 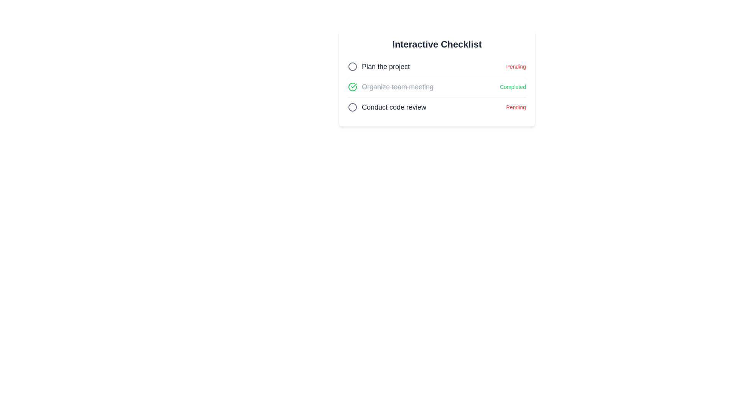 I want to click on the text label displaying 'Pending' styled in small red text under the 'Conduct code review' task, so click(x=516, y=107).